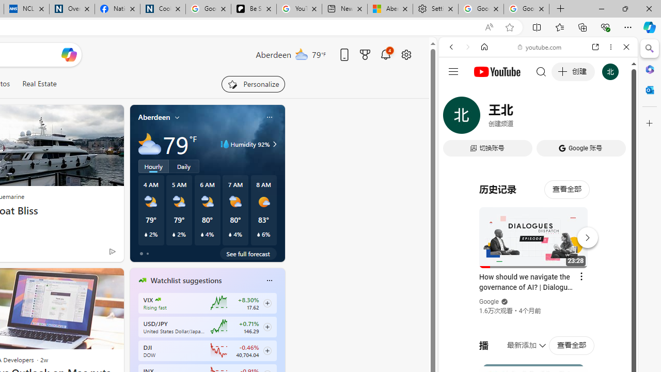  What do you see at coordinates (649, 123) in the screenshot?
I see `'Close Customize pane'` at bounding box center [649, 123].